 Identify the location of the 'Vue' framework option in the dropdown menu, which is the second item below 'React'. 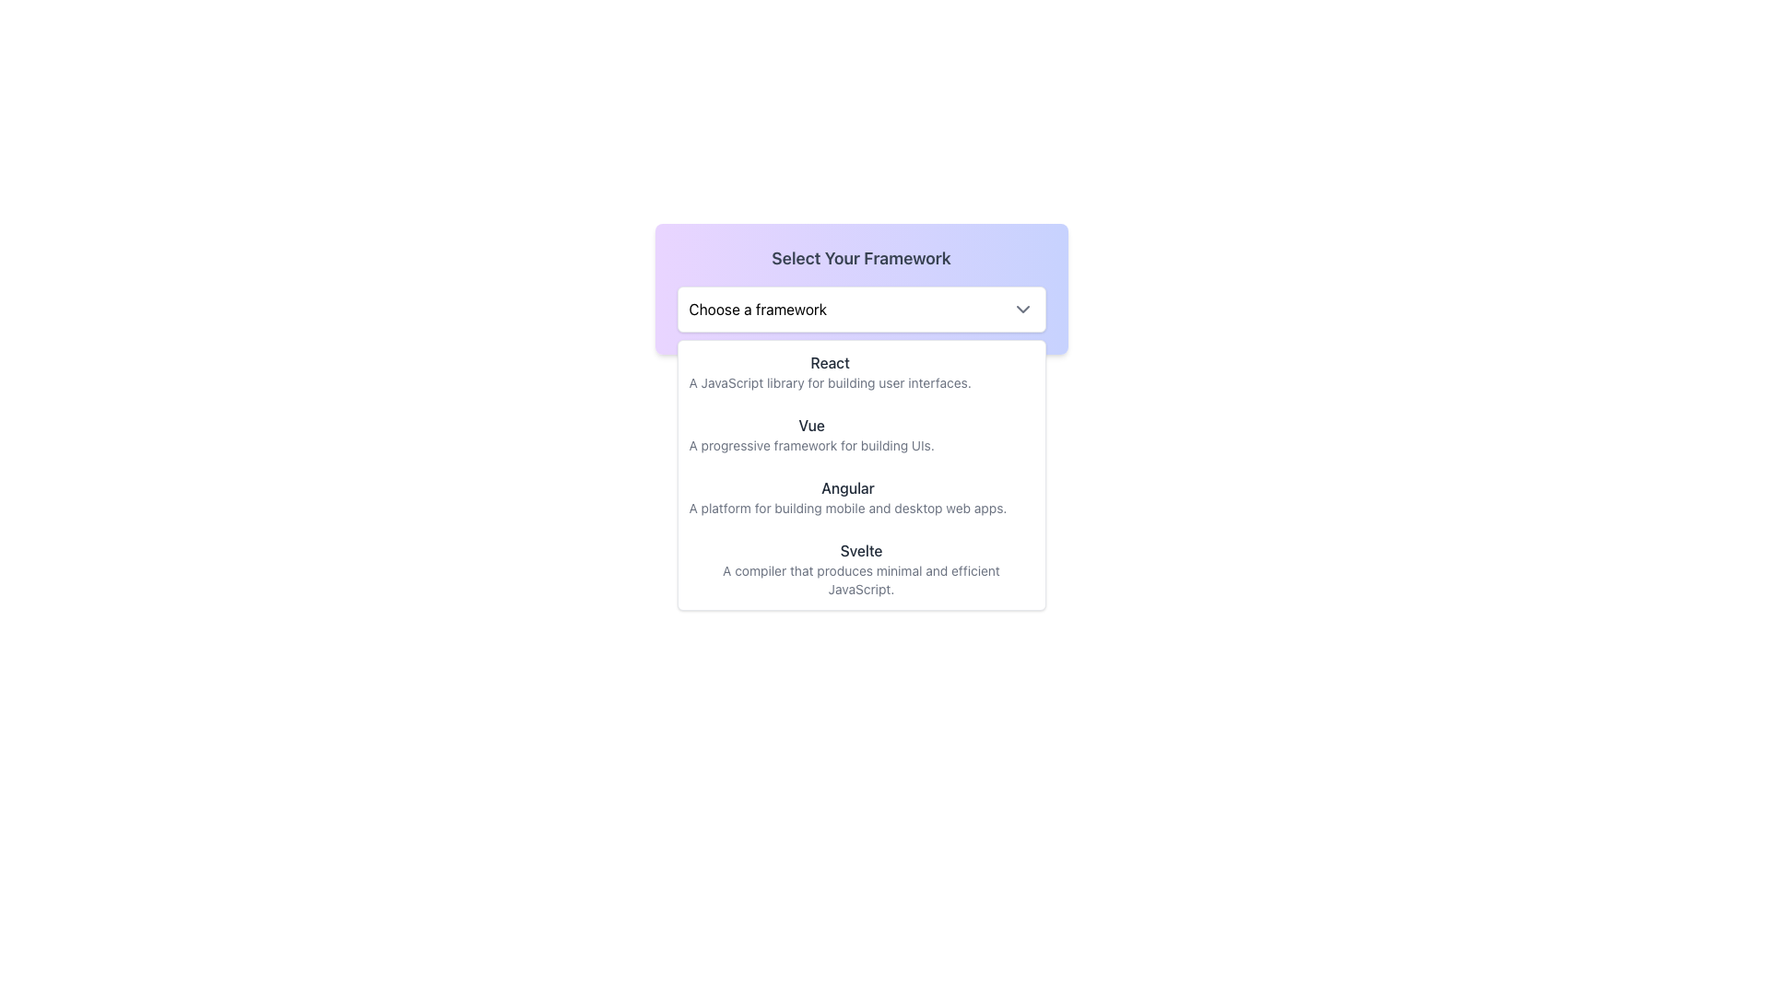
(860, 434).